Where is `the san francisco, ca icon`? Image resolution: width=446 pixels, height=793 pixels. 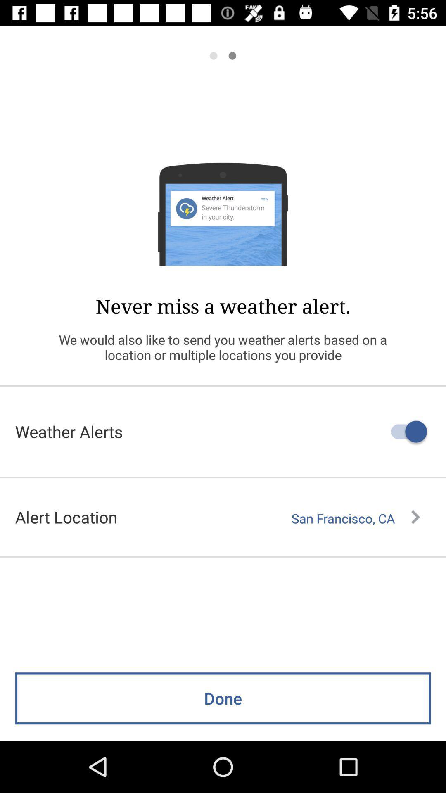
the san francisco, ca icon is located at coordinates (355, 518).